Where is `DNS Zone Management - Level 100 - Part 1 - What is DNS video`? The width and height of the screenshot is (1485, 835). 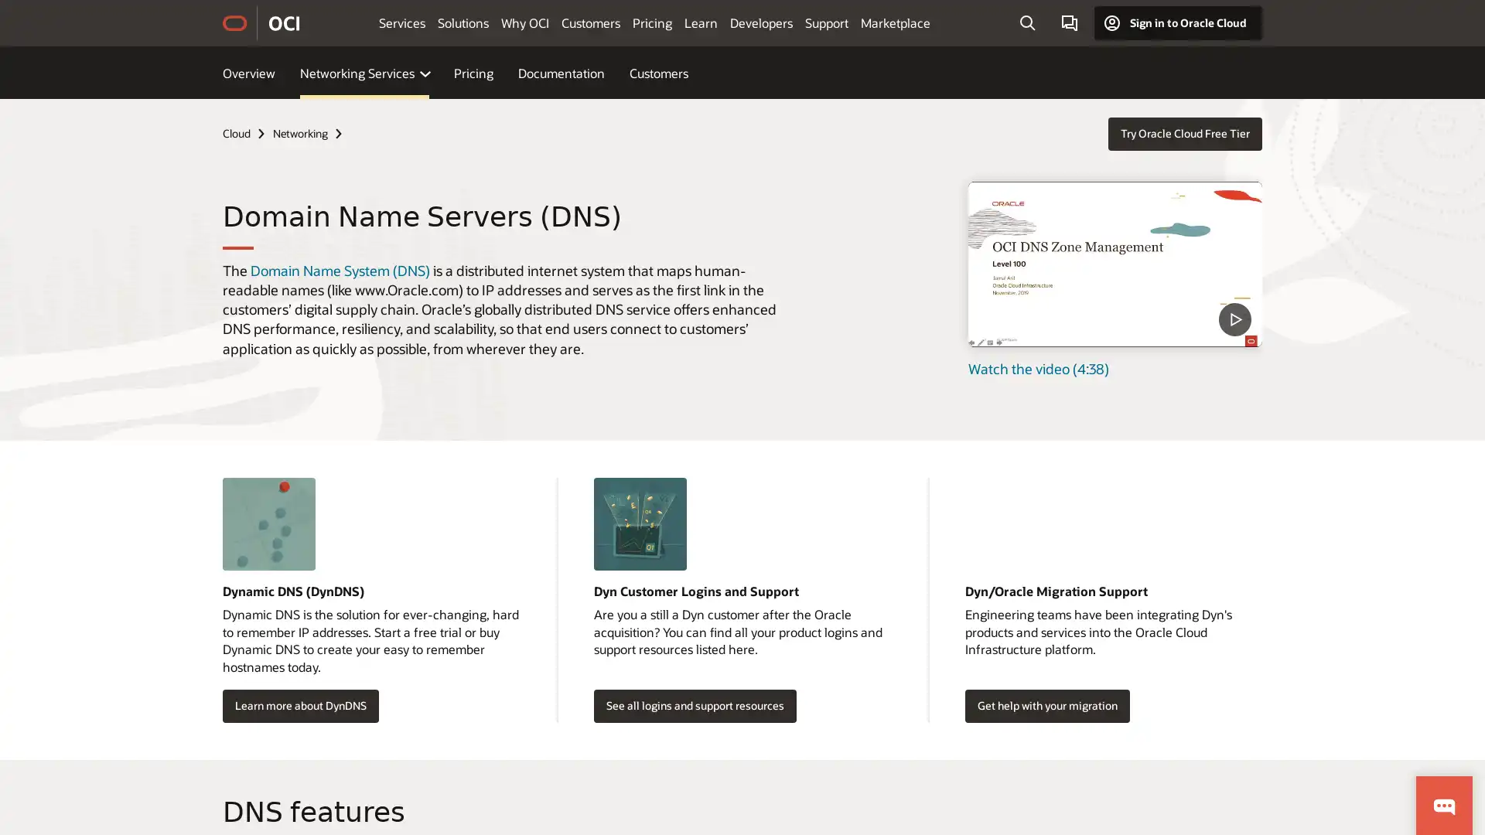 DNS Zone Management - Level 100 - Part 1 - What is DNS video is located at coordinates (1115, 263).